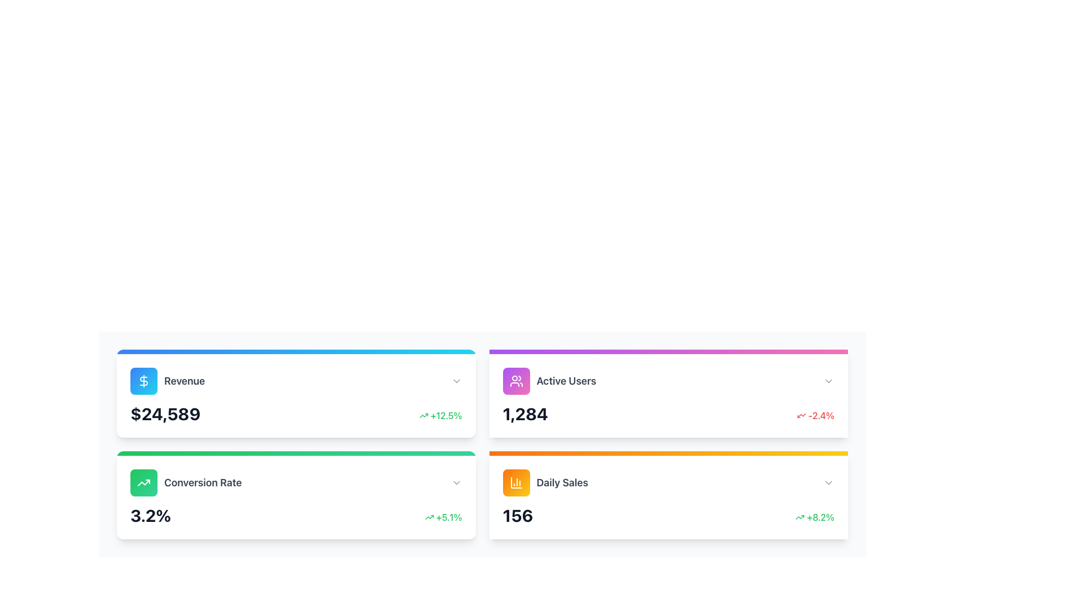 The height and width of the screenshot is (610, 1084). I want to click on the 'Daily Sales' text element, which is styled in bold gray font within an orange-themed section, located in the bottom-right corner of the dashboard interface, so click(562, 483).